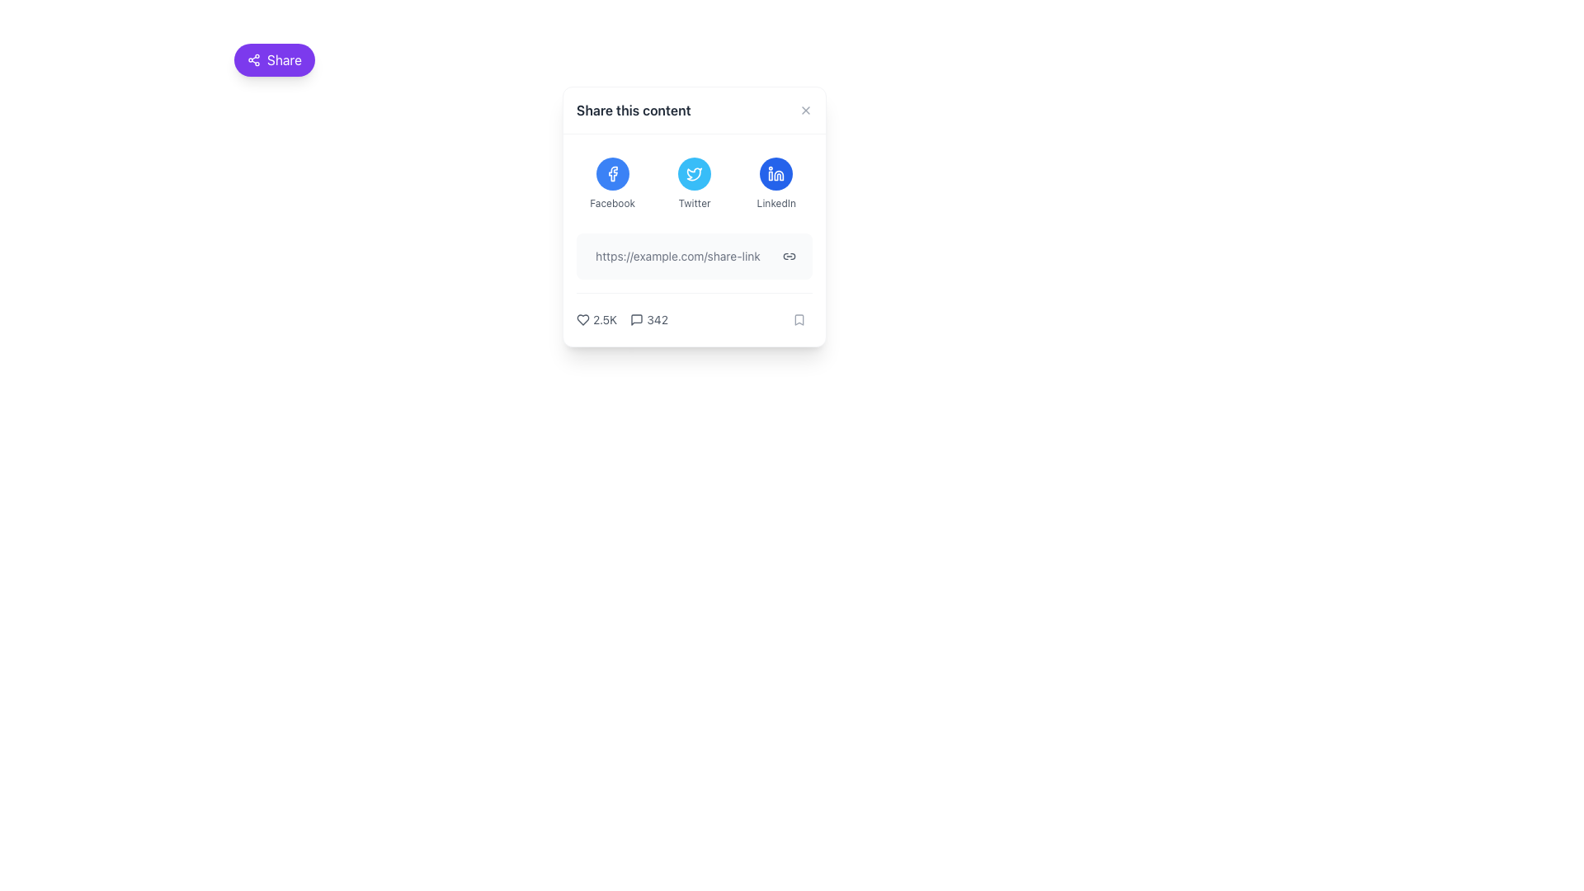  Describe the element at coordinates (806, 111) in the screenshot. I see `the close button located in the top-right corner of the 'Share this content' pop-up window to dismiss it` at that location.